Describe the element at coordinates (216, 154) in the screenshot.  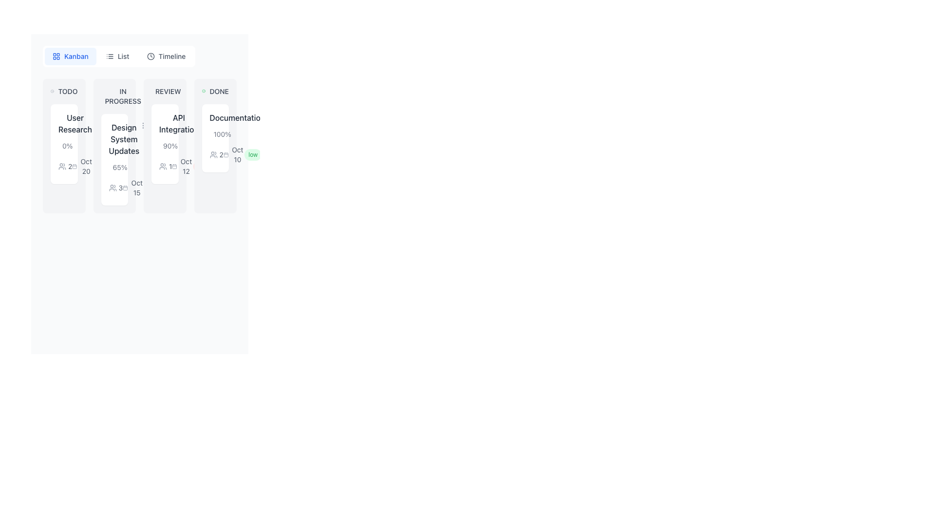
I see `the Text with icon component that features two user figures and the digit '2', located under the 'DONE' column in the Kanban-style layout` at that location.